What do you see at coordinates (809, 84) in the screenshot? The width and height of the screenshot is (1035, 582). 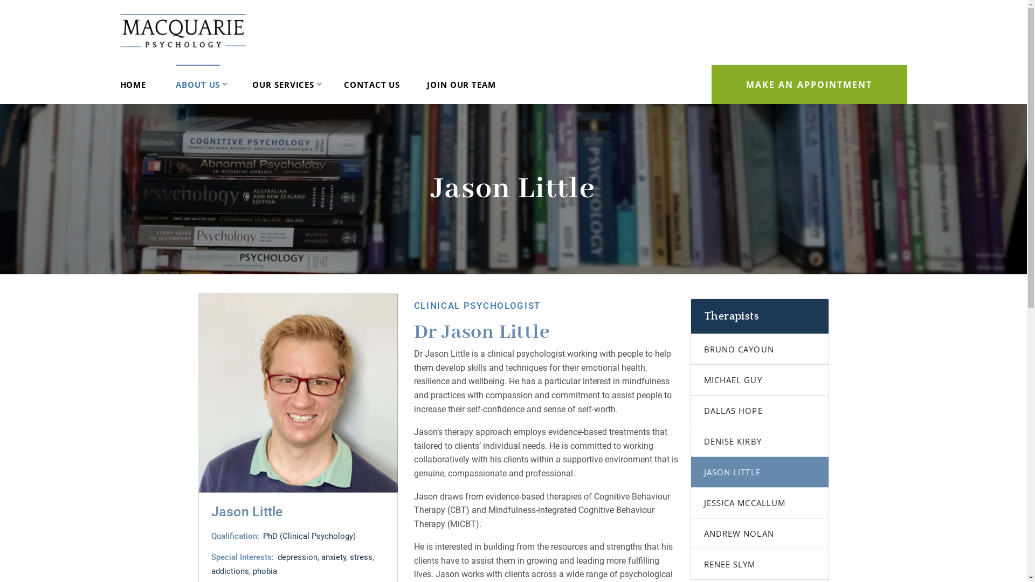 I see `'MAKE AN APPOINTMENT'` at bounding box center [809, 84].